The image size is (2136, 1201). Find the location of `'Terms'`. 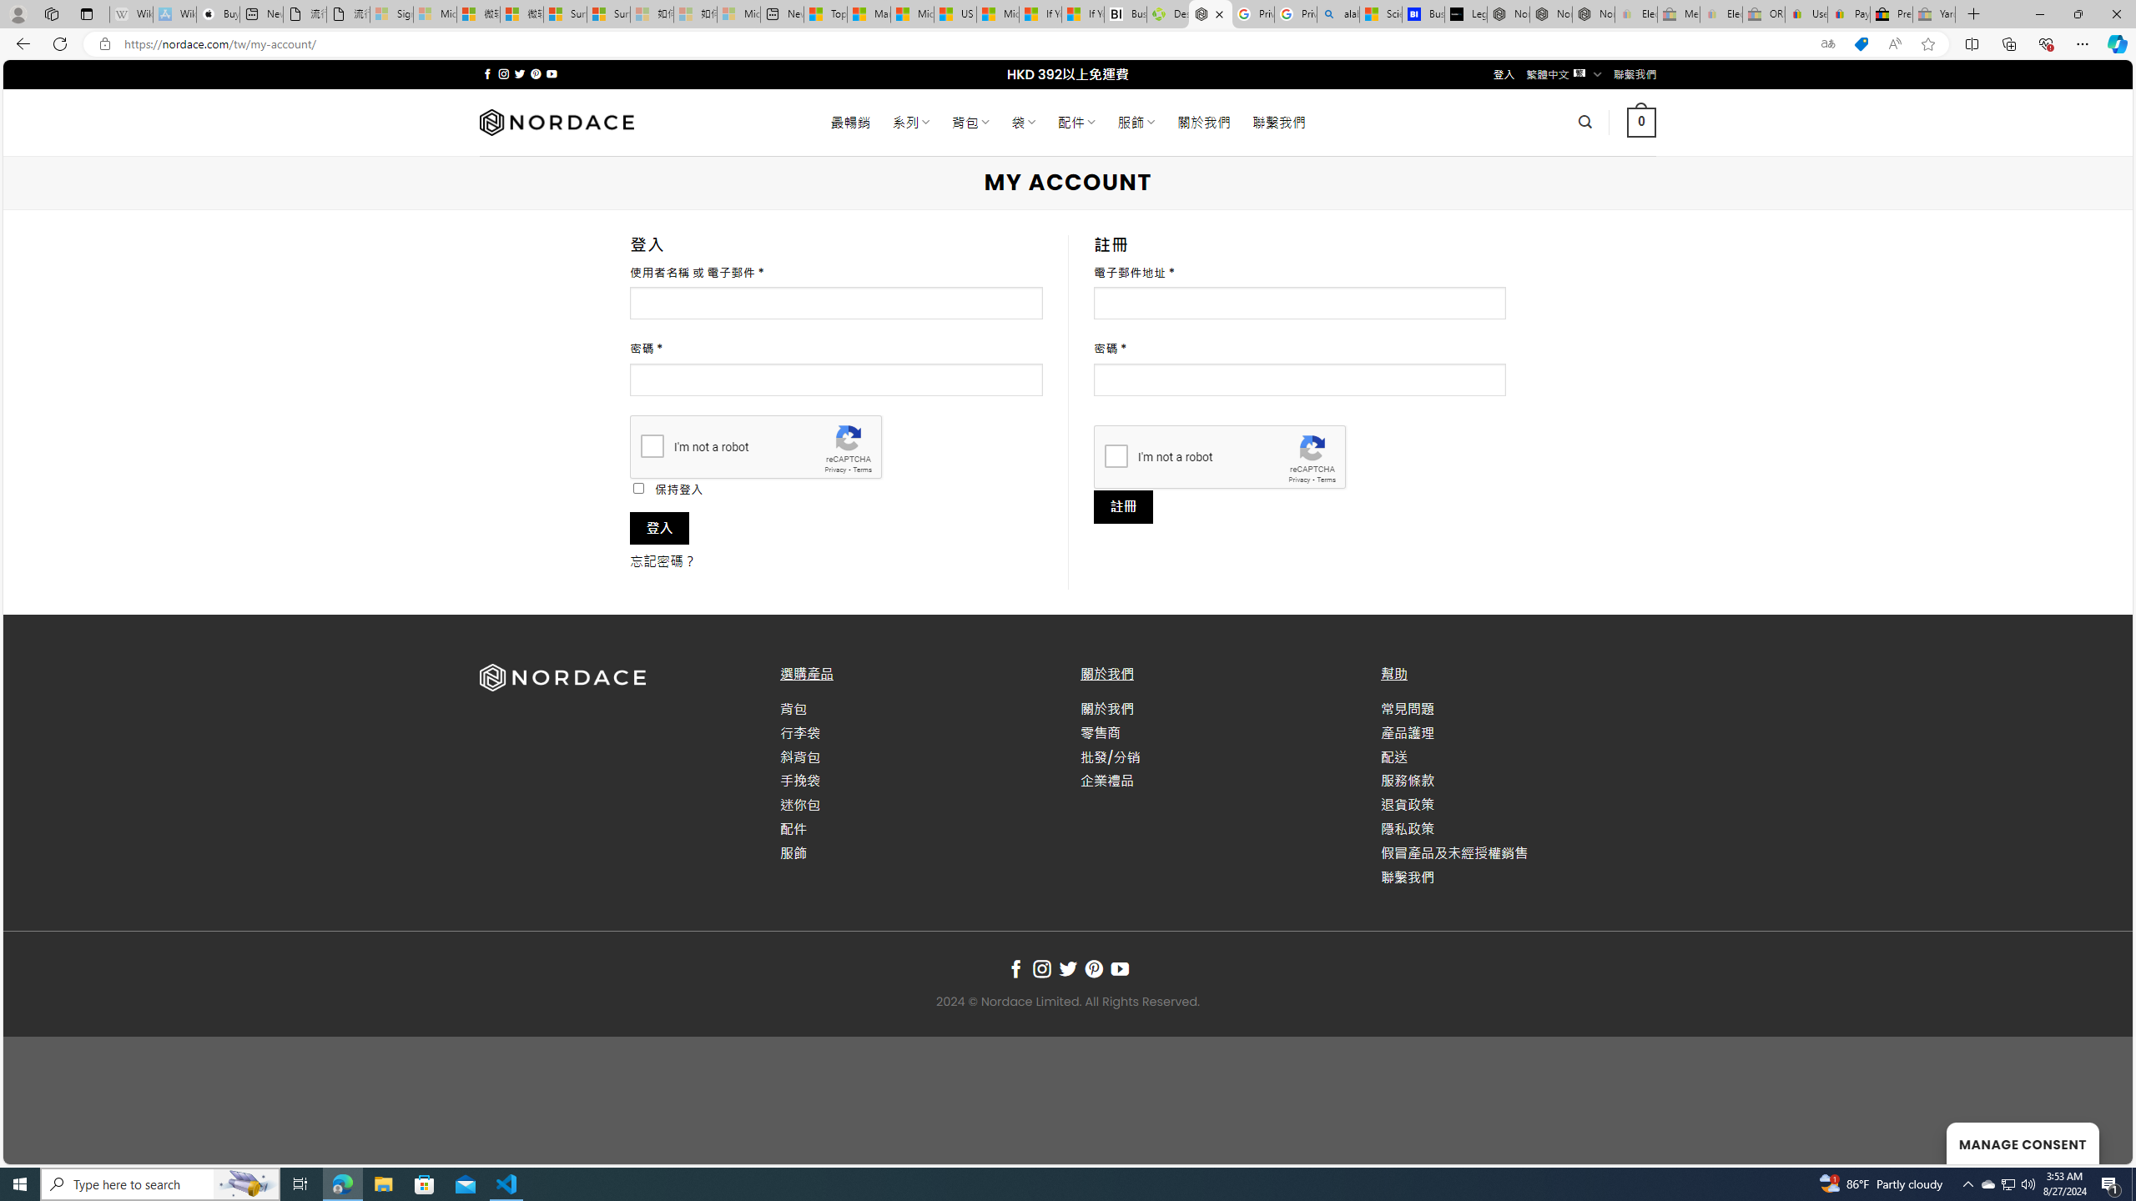

'Terms' is located at coordinates (1326, 479).